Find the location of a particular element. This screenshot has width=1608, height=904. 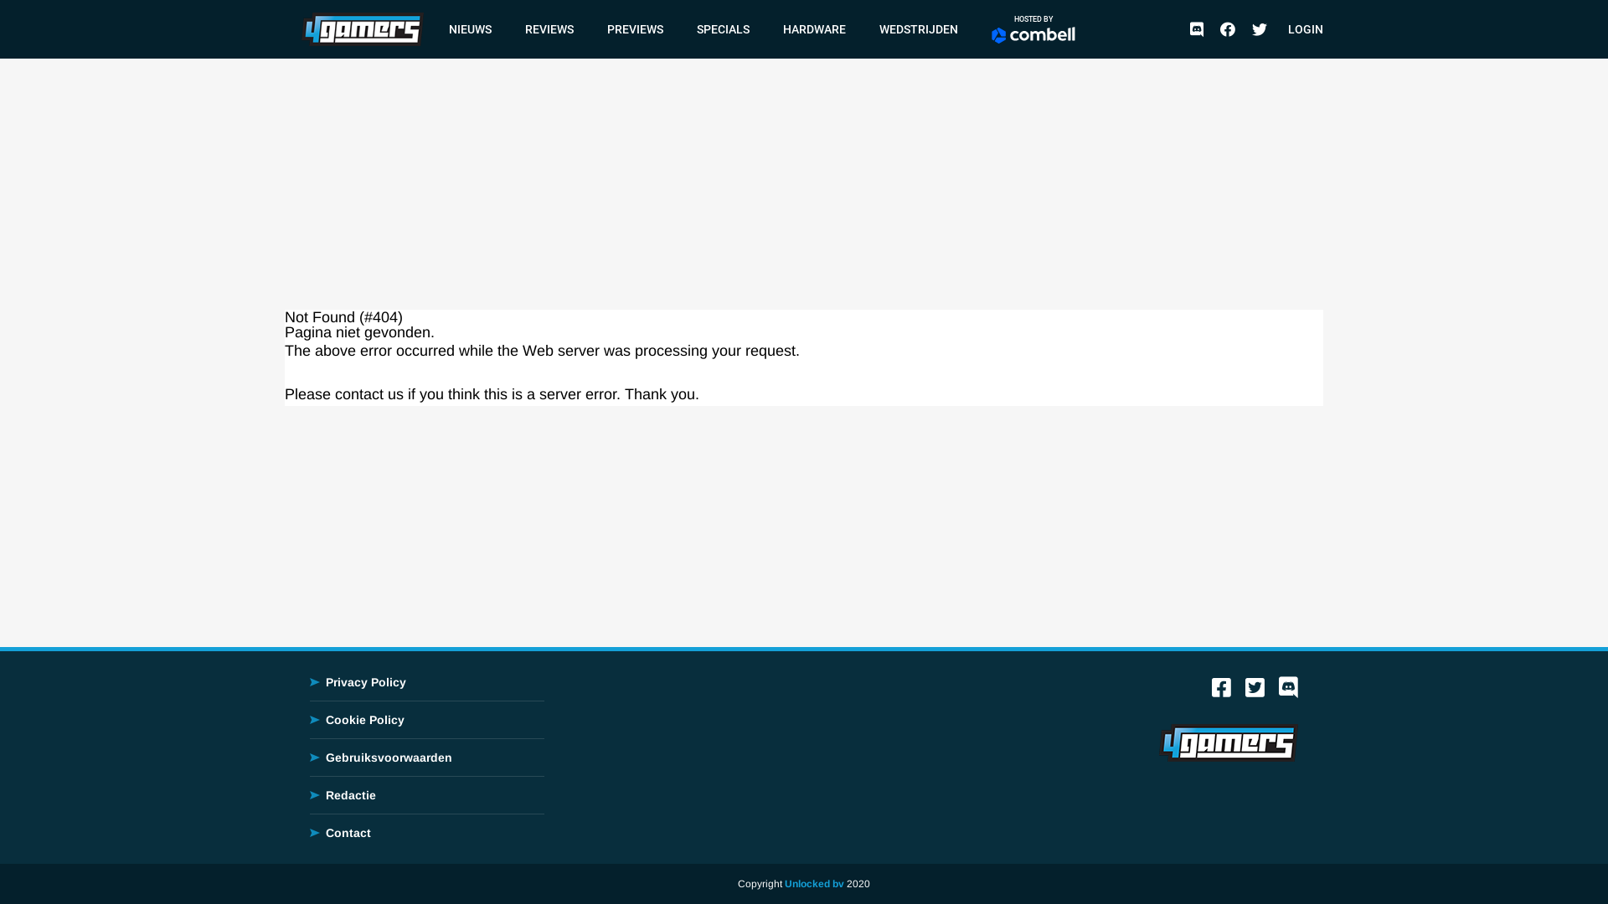

'Gebruiksvoorwaarden' is located at coordinates (388, 758).